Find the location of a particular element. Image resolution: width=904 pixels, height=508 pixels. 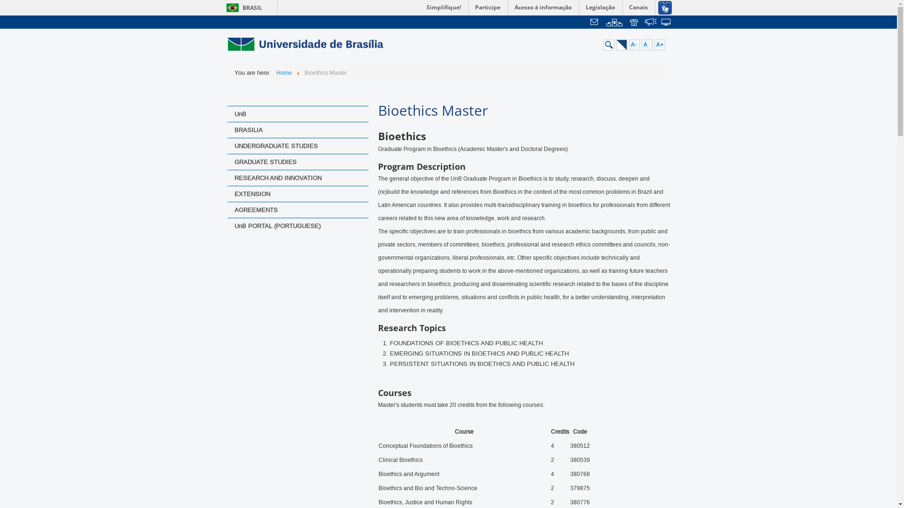

'Home' is located at coordinates (283, 72).